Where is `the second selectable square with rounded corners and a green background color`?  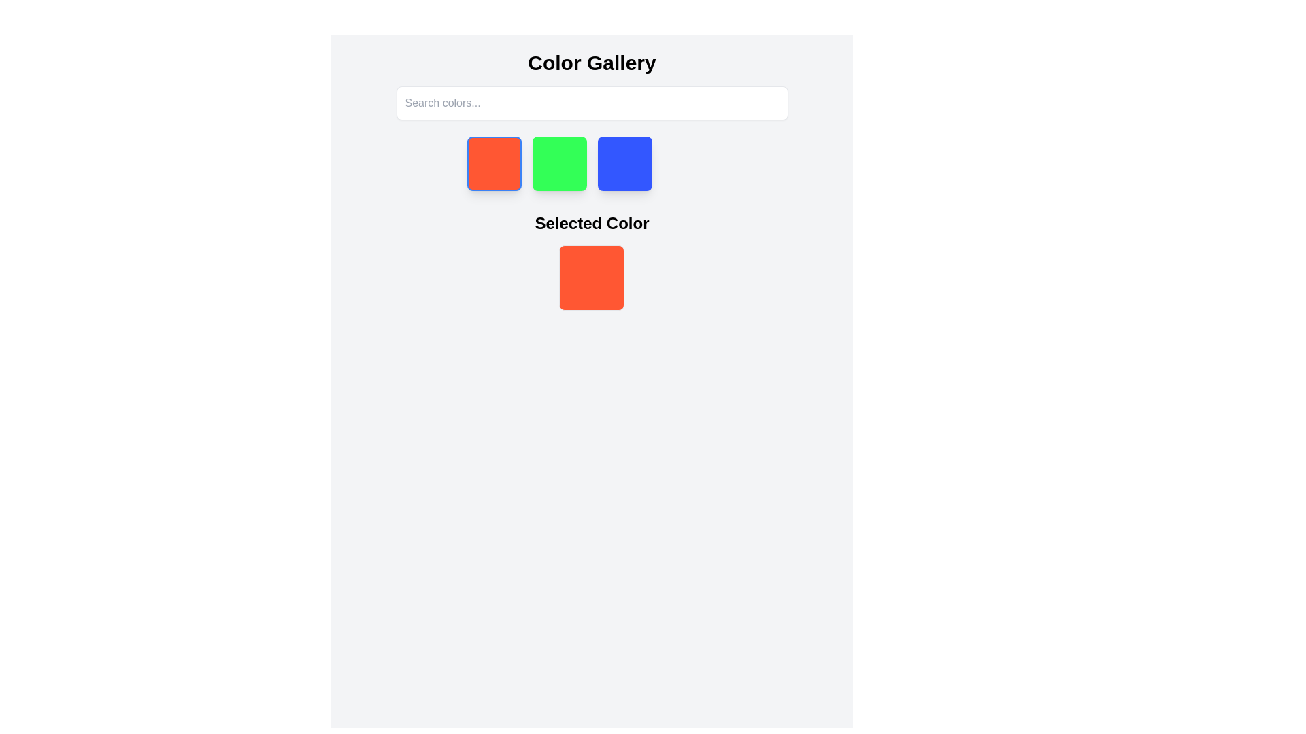
the second selectable square with rounded corners and a green background color is located at coordinates (559, 162).